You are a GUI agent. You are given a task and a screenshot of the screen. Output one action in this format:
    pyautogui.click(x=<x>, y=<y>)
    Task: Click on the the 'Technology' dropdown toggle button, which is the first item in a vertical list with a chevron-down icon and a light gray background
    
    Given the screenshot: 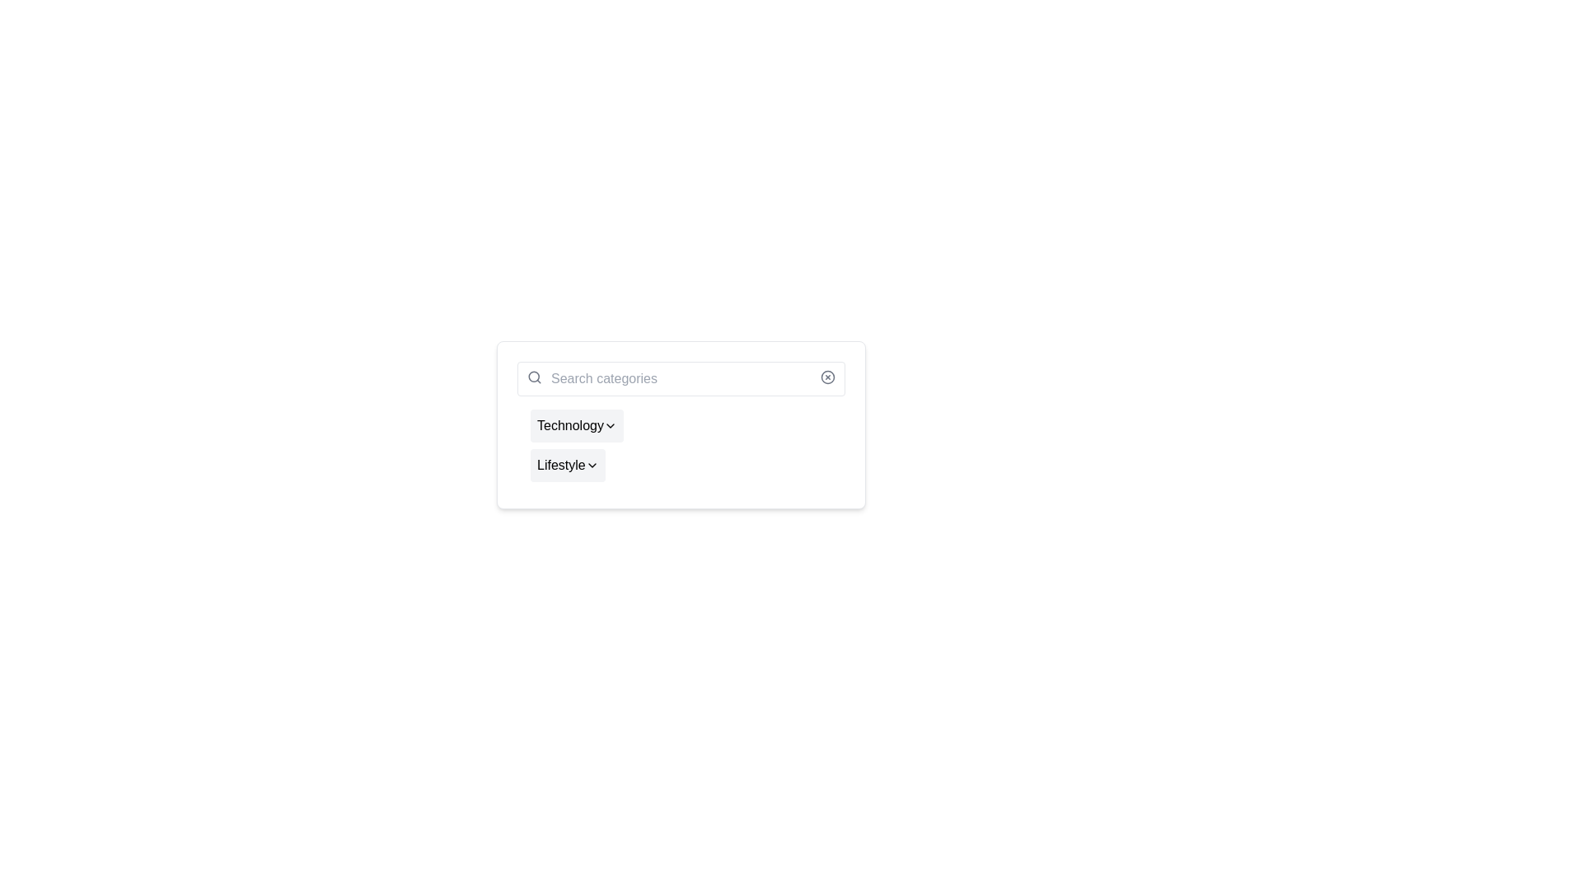 What is the action you would take?
    pyautogui.click(x=577, y=424)
    